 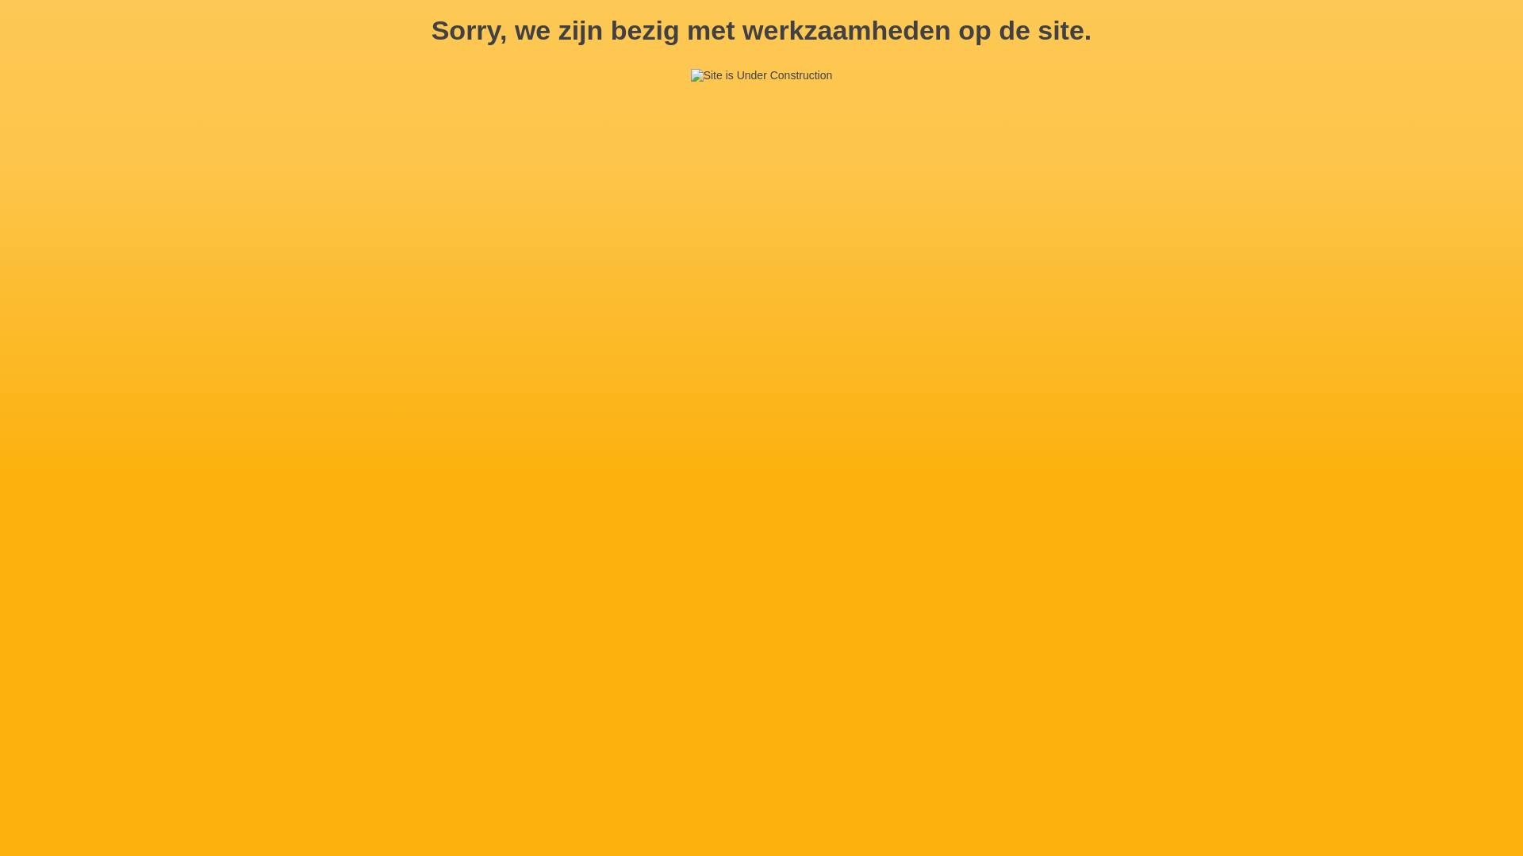 What do you see at coordinates (761, 75) in the screenshot?
I see `'Site is Under Construction'` at bounding box center [761, 75].